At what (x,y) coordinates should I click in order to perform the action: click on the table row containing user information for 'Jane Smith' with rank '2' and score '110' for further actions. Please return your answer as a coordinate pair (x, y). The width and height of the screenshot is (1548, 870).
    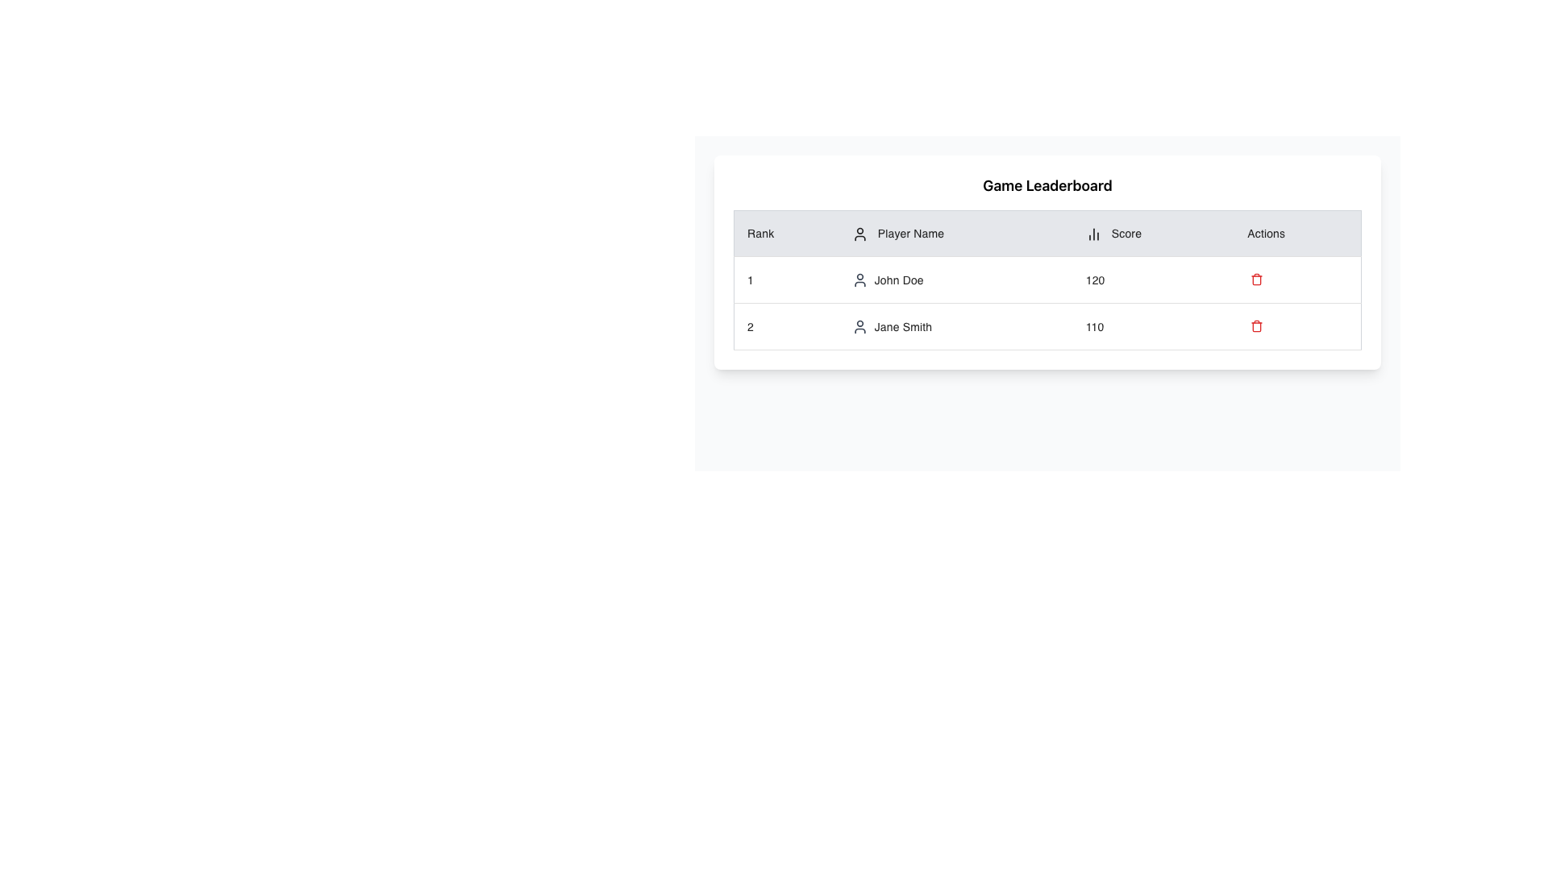
    Looking at the image, I should click on (1047, 326).